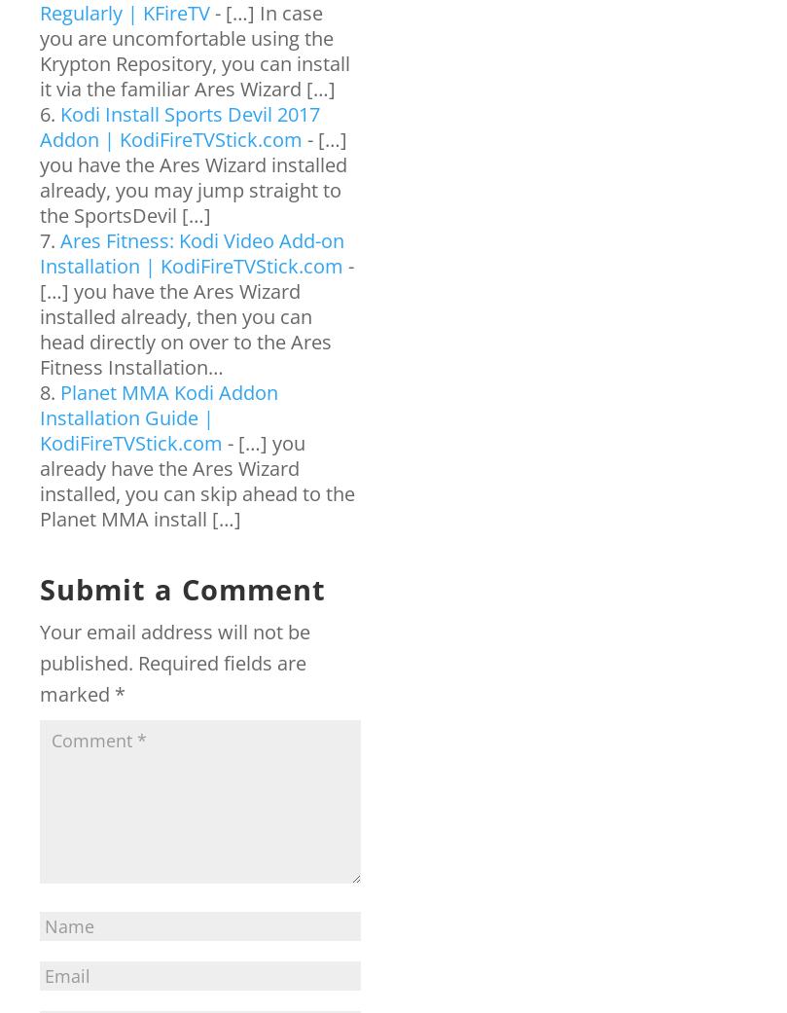 This screenshot has height=1013, width=787. I want to click on '- […] you have the Ares Wizard installed already, you may jump straight to the SportsDevil […]', so click(193, 176).